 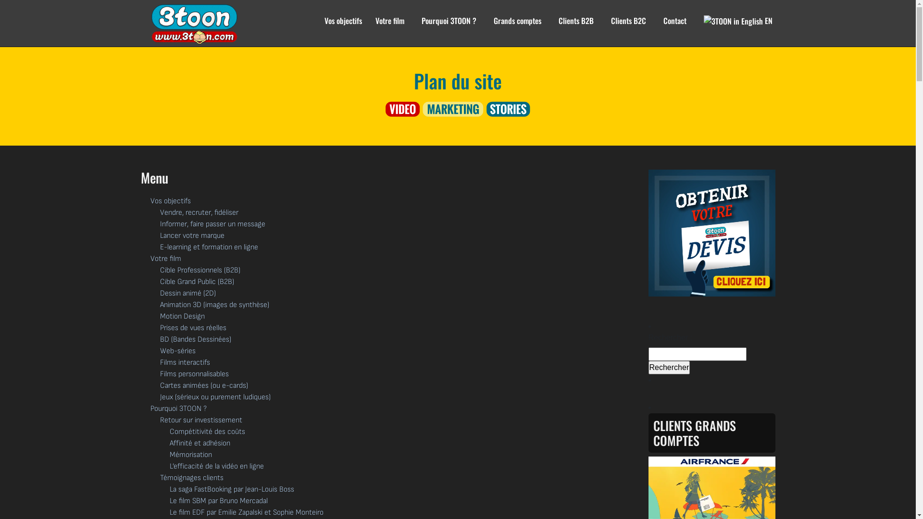 What do you see at coordinates (704, 26) in the screenshot?
I see `'EN'` at bounding box center [704, 26].